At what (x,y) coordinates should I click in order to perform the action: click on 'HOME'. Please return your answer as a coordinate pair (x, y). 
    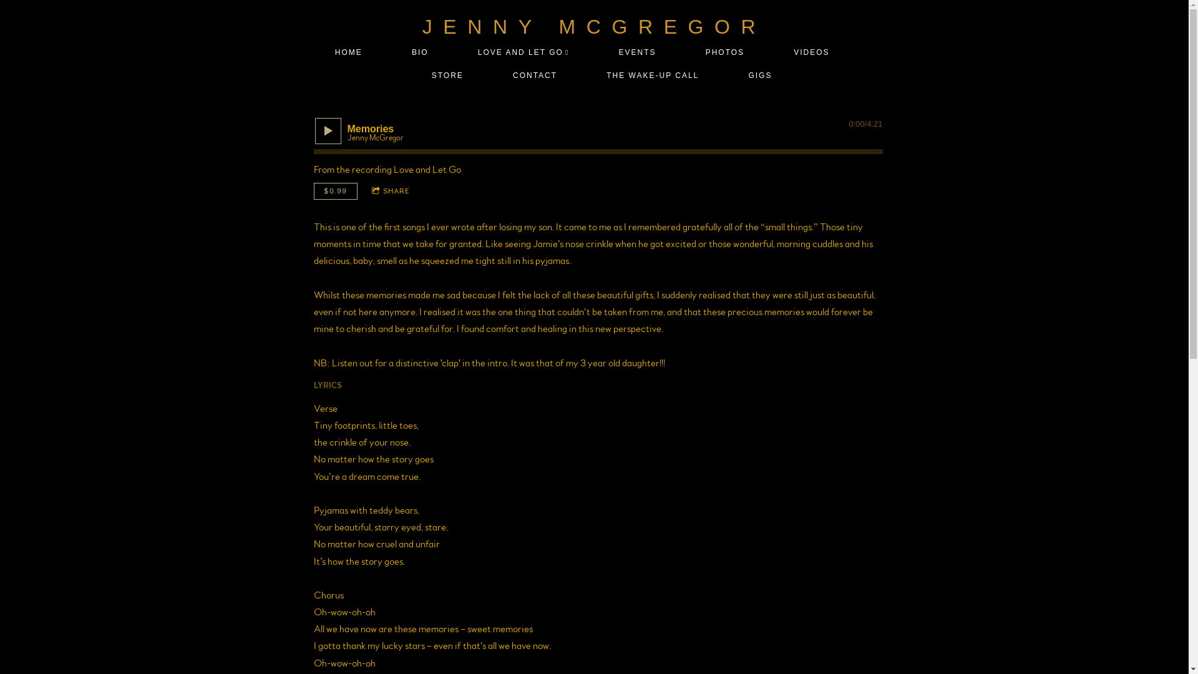
    Looking at the image, I should click on (348, 52).